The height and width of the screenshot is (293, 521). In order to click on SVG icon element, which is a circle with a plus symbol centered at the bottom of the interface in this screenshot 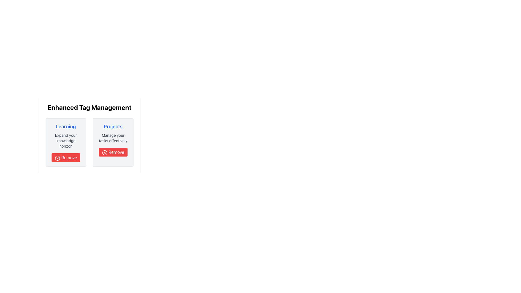, I will do `click(74, 228)`.